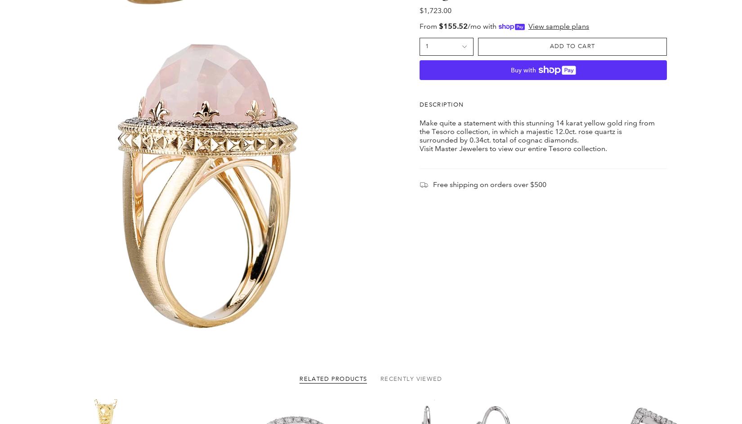 The image size is (742, 424). Describe the element at coordinates (411, 14) in the screenshot. I see `'Recently viewed'` at that location.